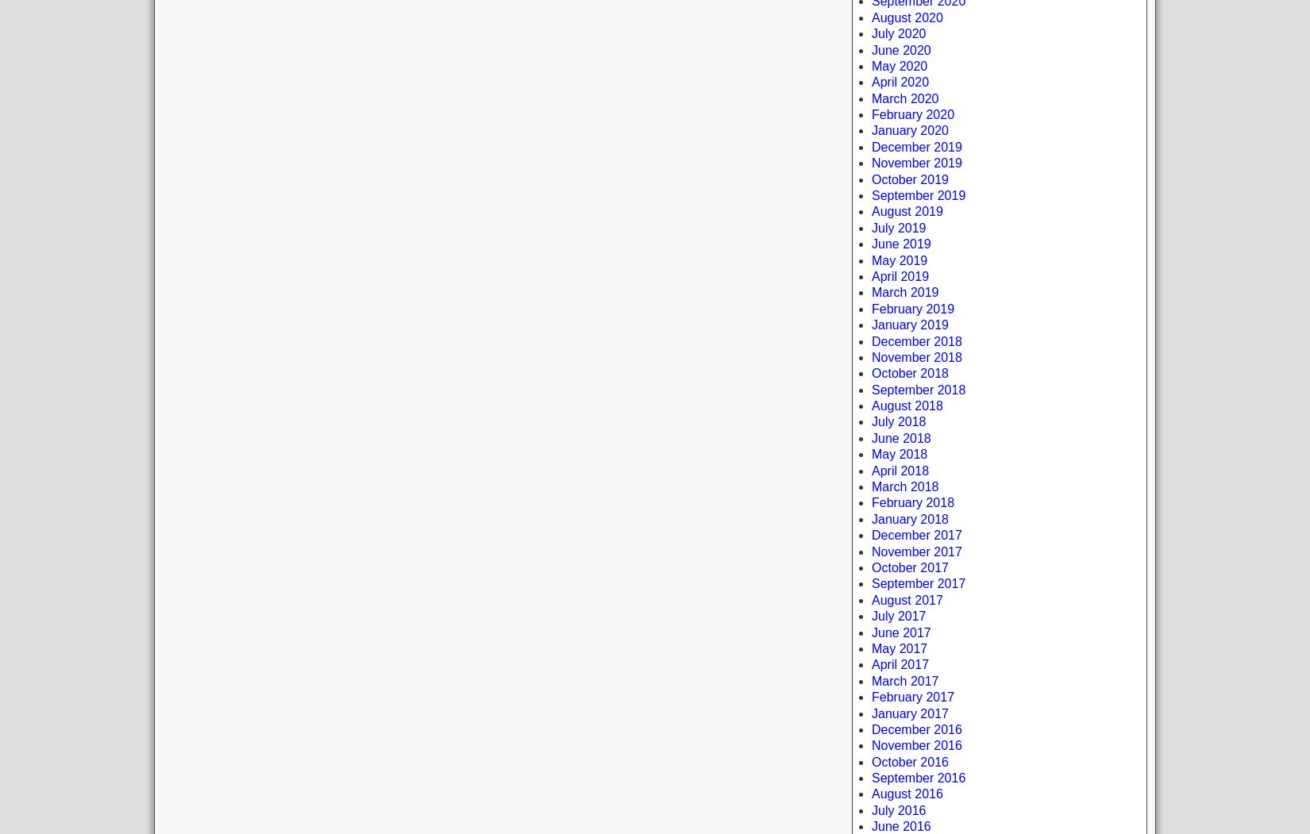 The height and width of the screenshot is (834, 1310). Describe the element at coordinates (901, 825) in the screenshot. I see `'June 2016'` at that location.